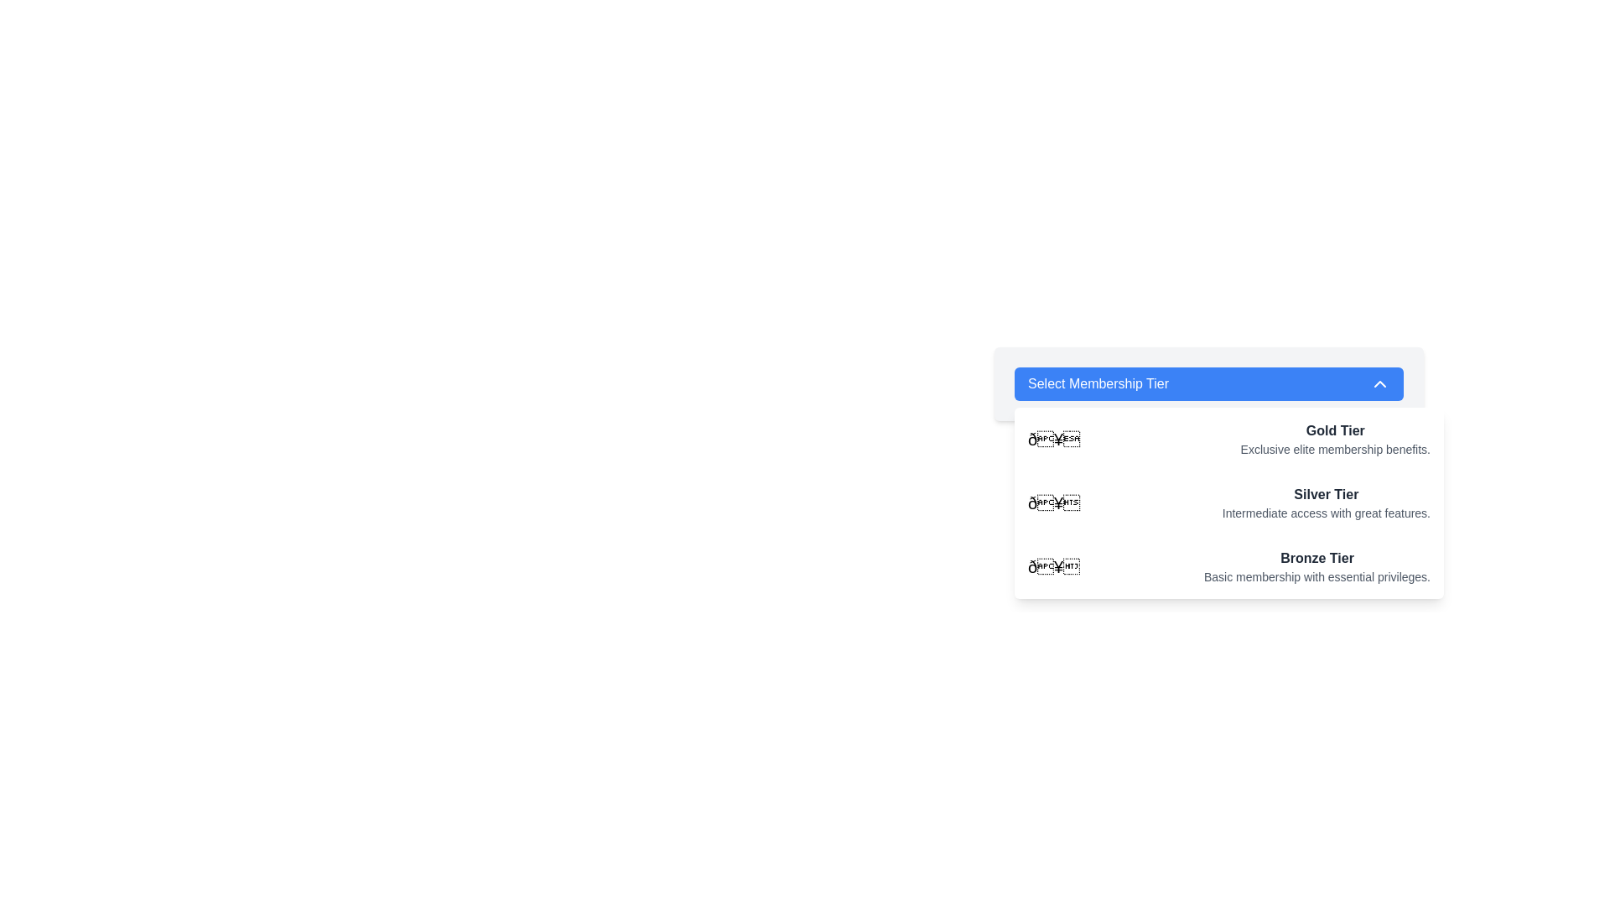  Describe the element at coordinates (1380, 384) in the screenshot. I see `the chevron icon located on the far right side of the 'Select Membership Tier' button` at that location.